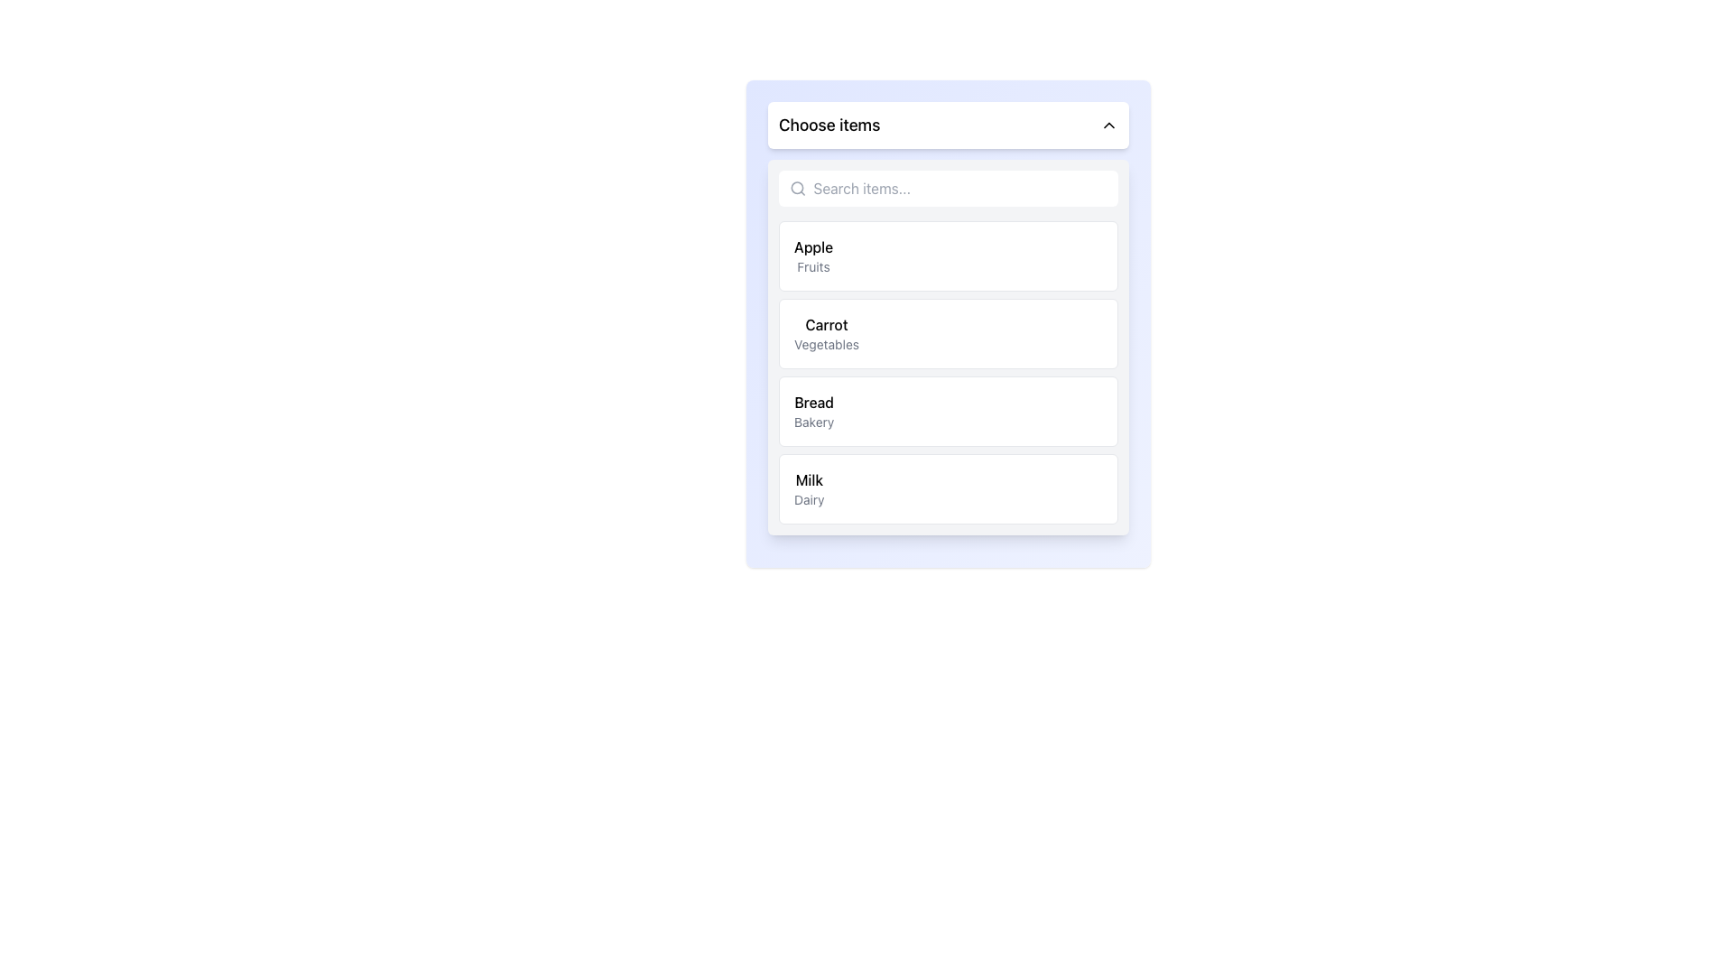  Describe the element at coordinates (812, 267) in the screenshot. I see `the 'Fruits' text label, which is displayed in a small gray font and positioned directly beneath the 'Apple' text in a selection-type interface` at that location.